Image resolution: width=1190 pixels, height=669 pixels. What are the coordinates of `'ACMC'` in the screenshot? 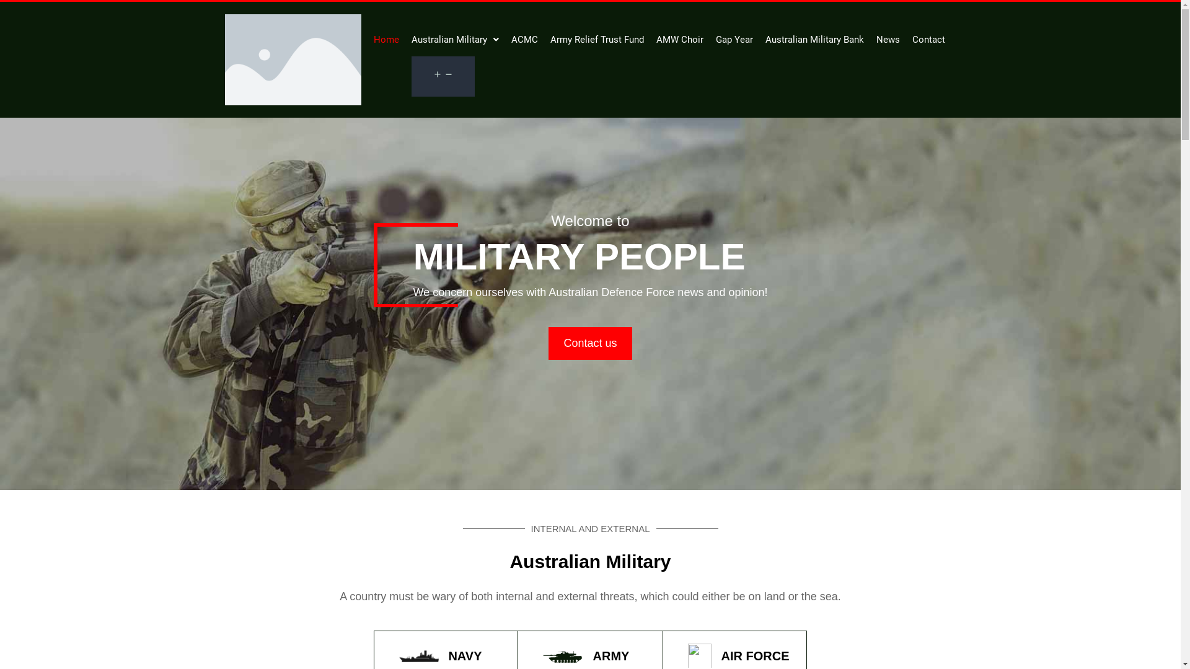 It's located at (524, 39).